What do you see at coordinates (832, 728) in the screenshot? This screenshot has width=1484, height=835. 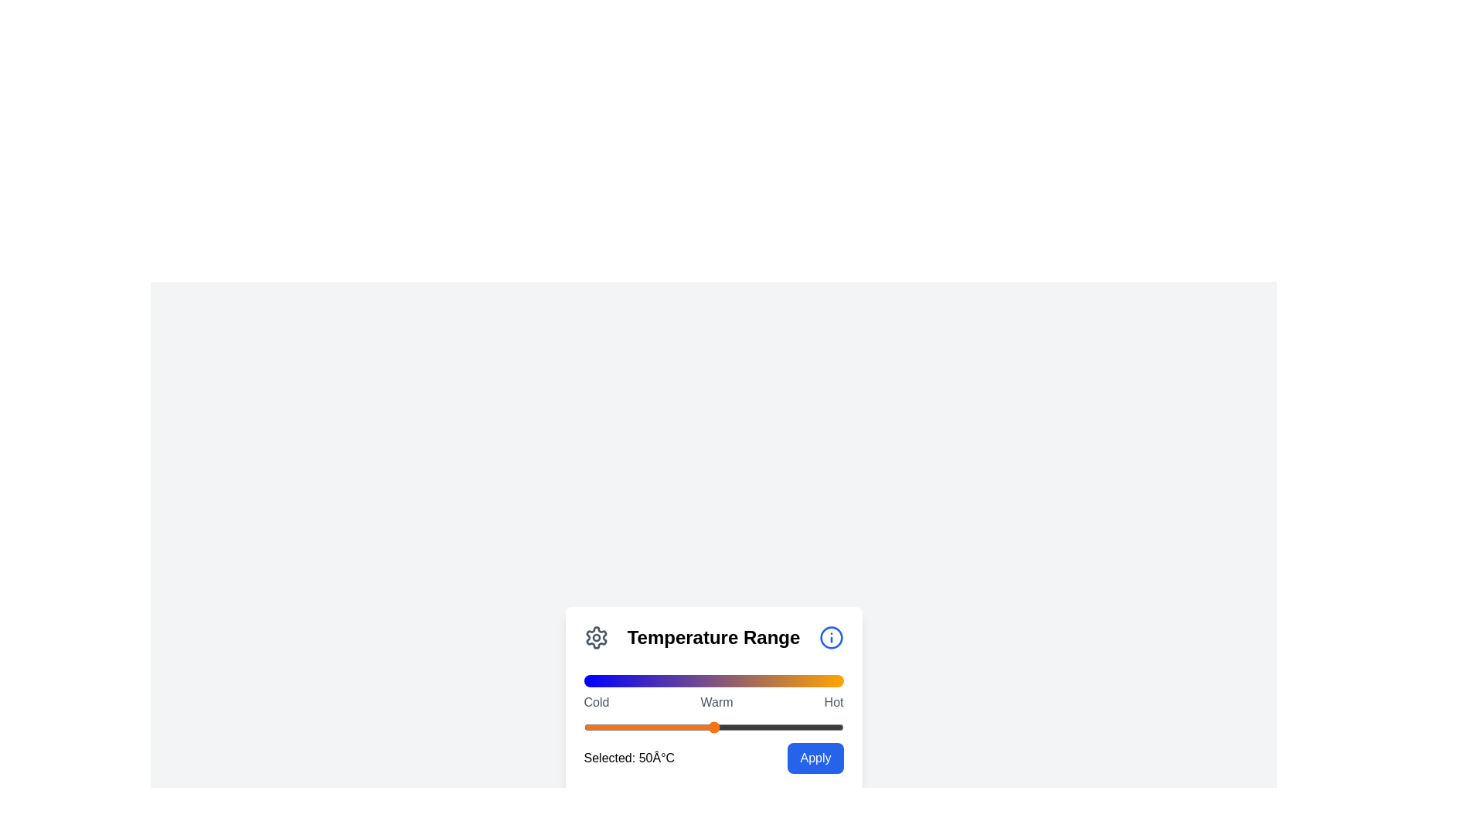 I see `the slider to set the temperature value to 96` at bounding box center [832, 728].